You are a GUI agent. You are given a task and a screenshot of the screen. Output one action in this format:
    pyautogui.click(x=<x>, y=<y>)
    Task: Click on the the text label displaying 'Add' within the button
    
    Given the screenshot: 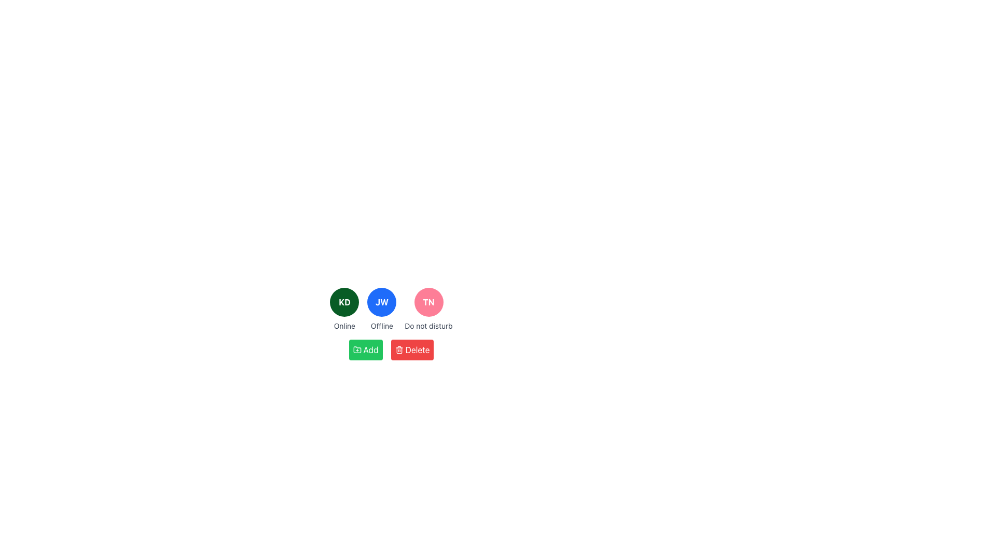 What is the action you would take?
    pyautogui.click(x=371, y=350)
    